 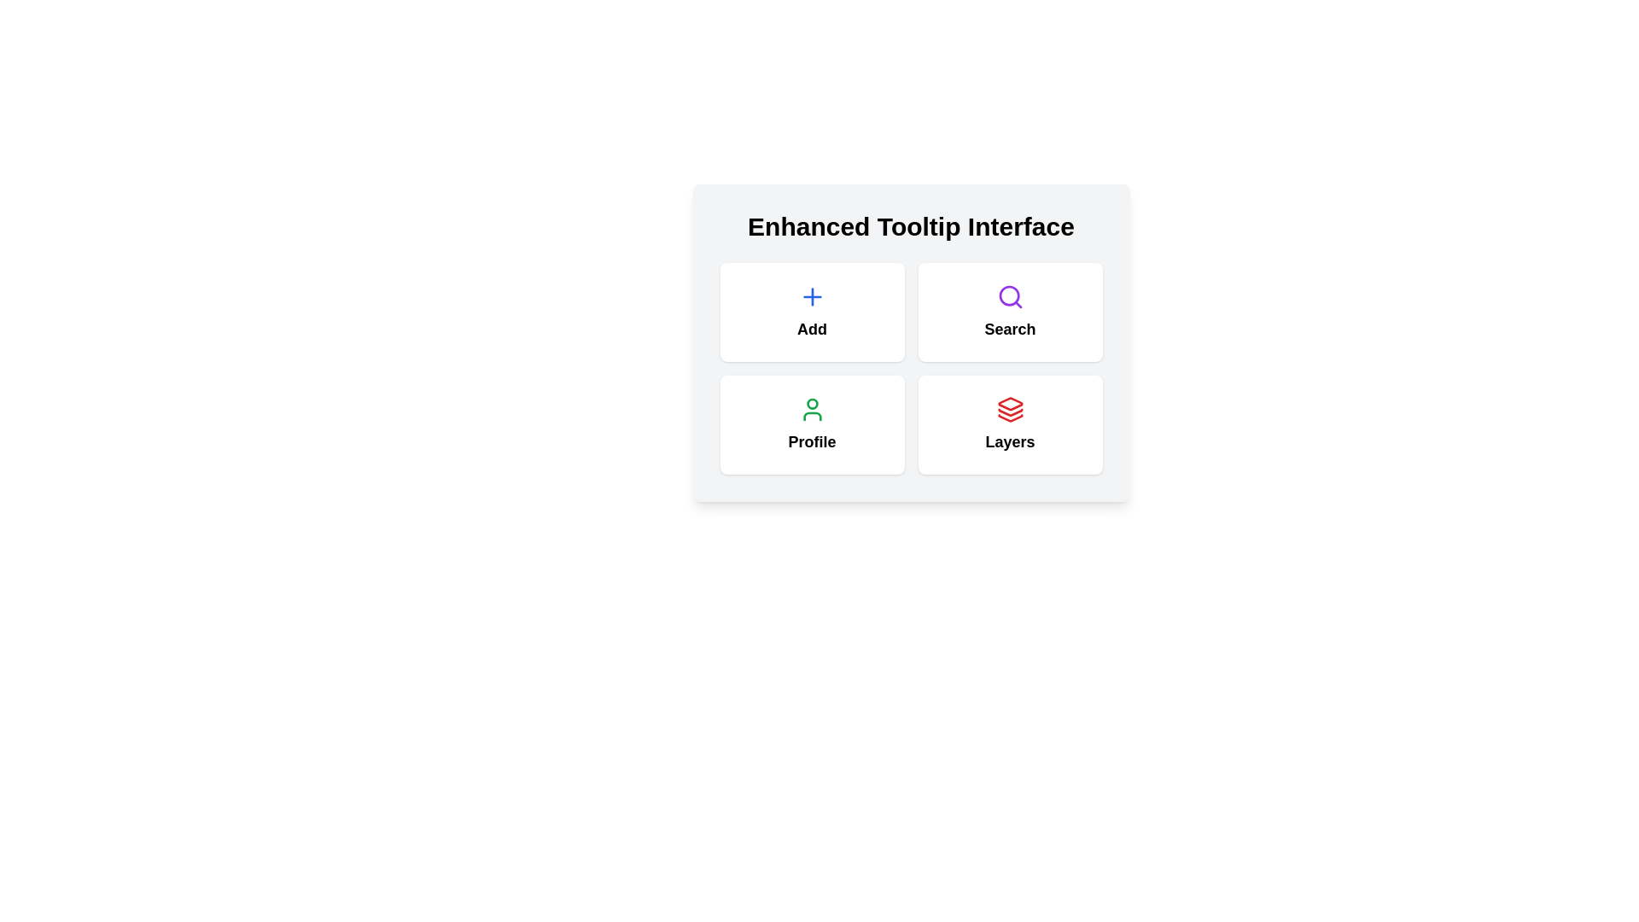 What do you see at coordinates (811, 329) in the screenshot?
I see `the bold sans-serif styled text label displaying the word 'Add', which is centrally aligned and located in the top-left quadrant of the grid buttons under 'Enhanced Tooltip Interface'` at bounding box center [811, 329].